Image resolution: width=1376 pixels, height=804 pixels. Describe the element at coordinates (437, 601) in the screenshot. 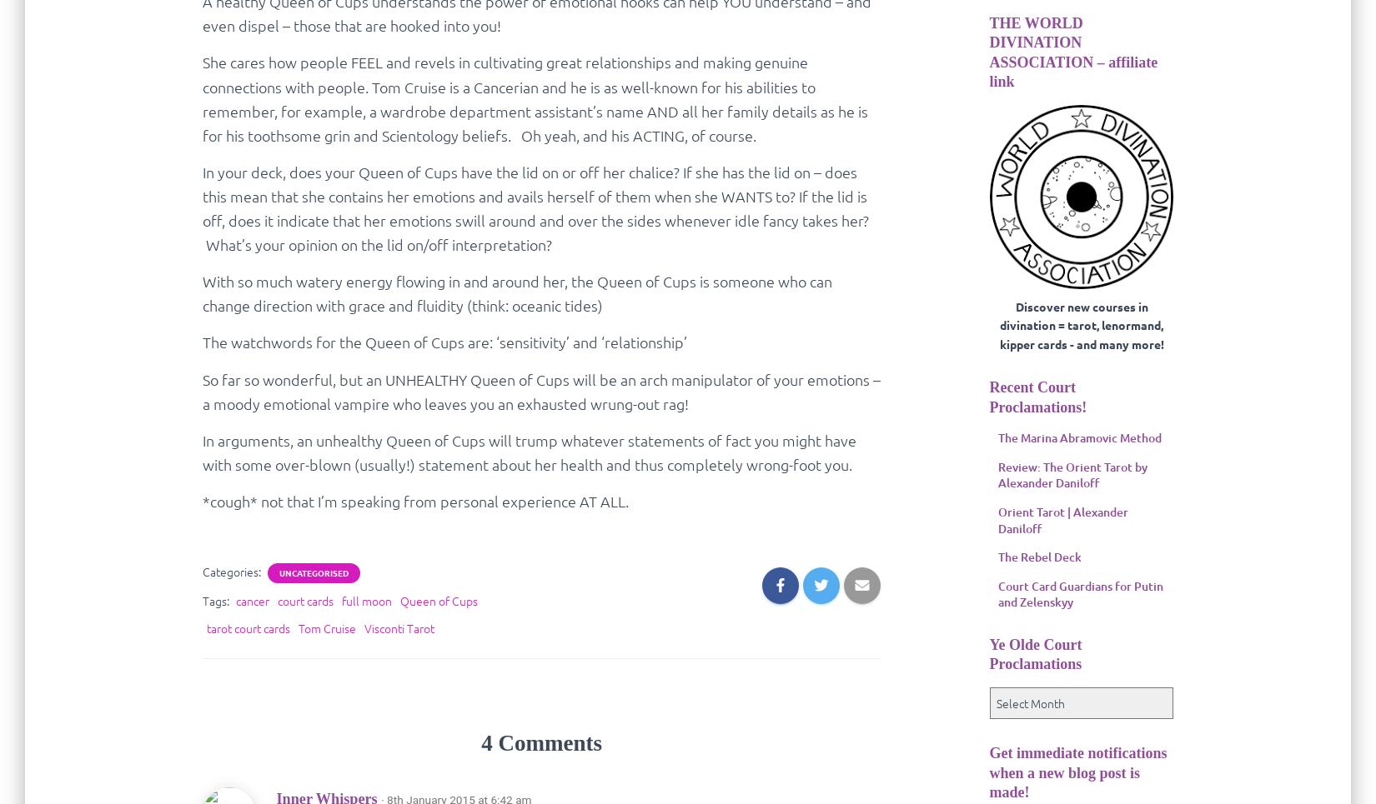

I see `'Queen of Cups'` at that location.